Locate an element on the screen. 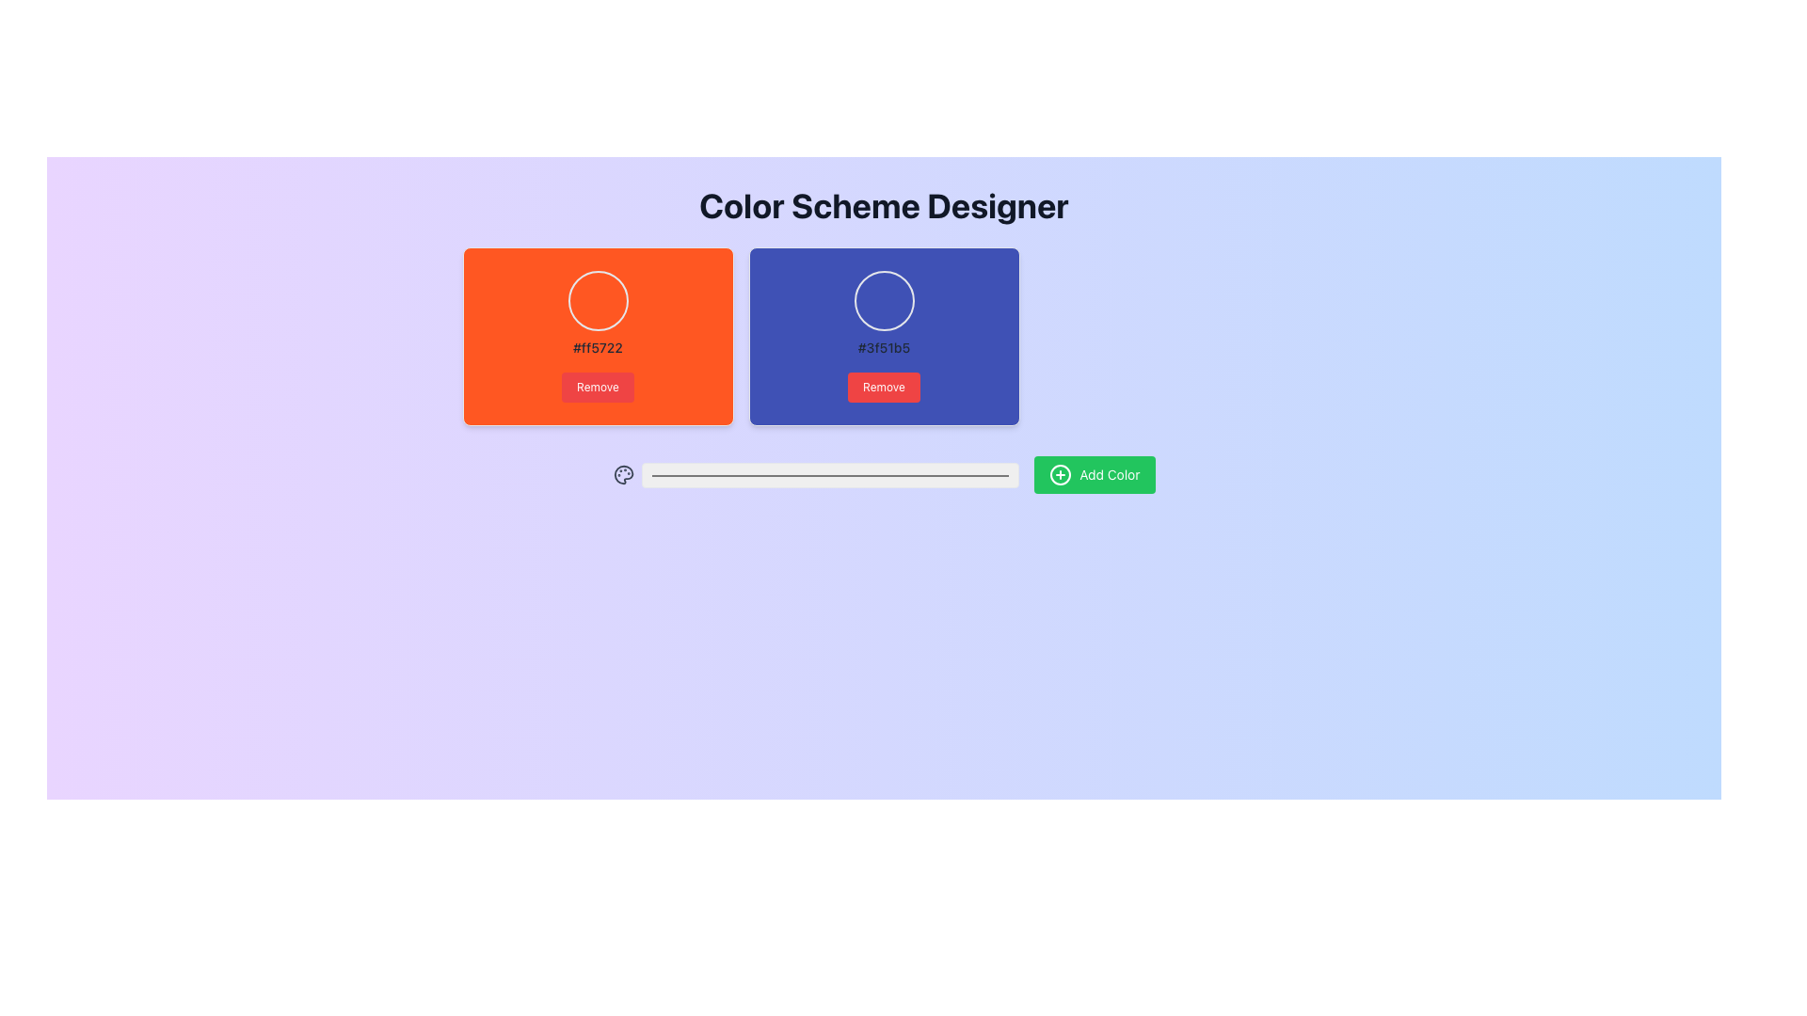 The width and height of the screenshot is (1807, 1016). the circular SVG element that visually represents a button with a '+' symbol, located in the bottom-right area of the interface next to the 'Add Color' label is located at coordinates (1061, 474).